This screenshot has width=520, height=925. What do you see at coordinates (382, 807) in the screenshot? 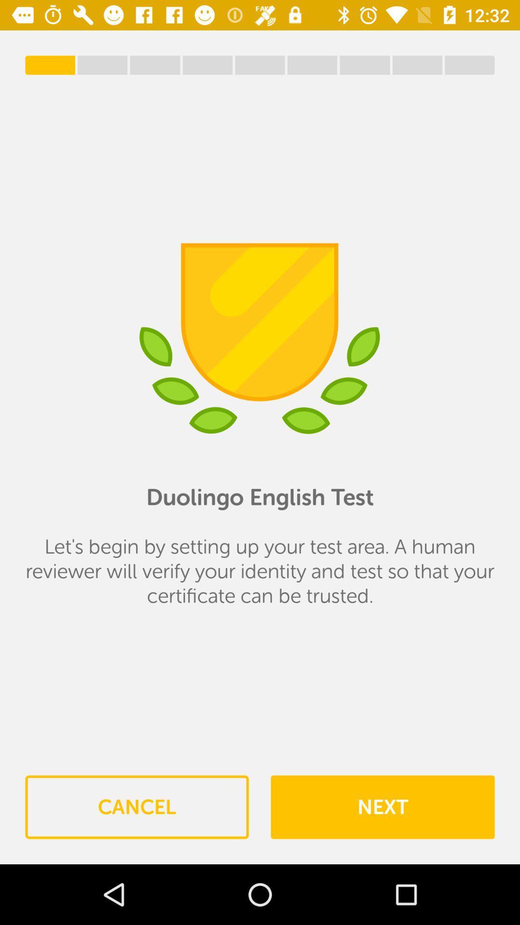
I see `the item next to the cancel icon` at bounding box center [382, 807].